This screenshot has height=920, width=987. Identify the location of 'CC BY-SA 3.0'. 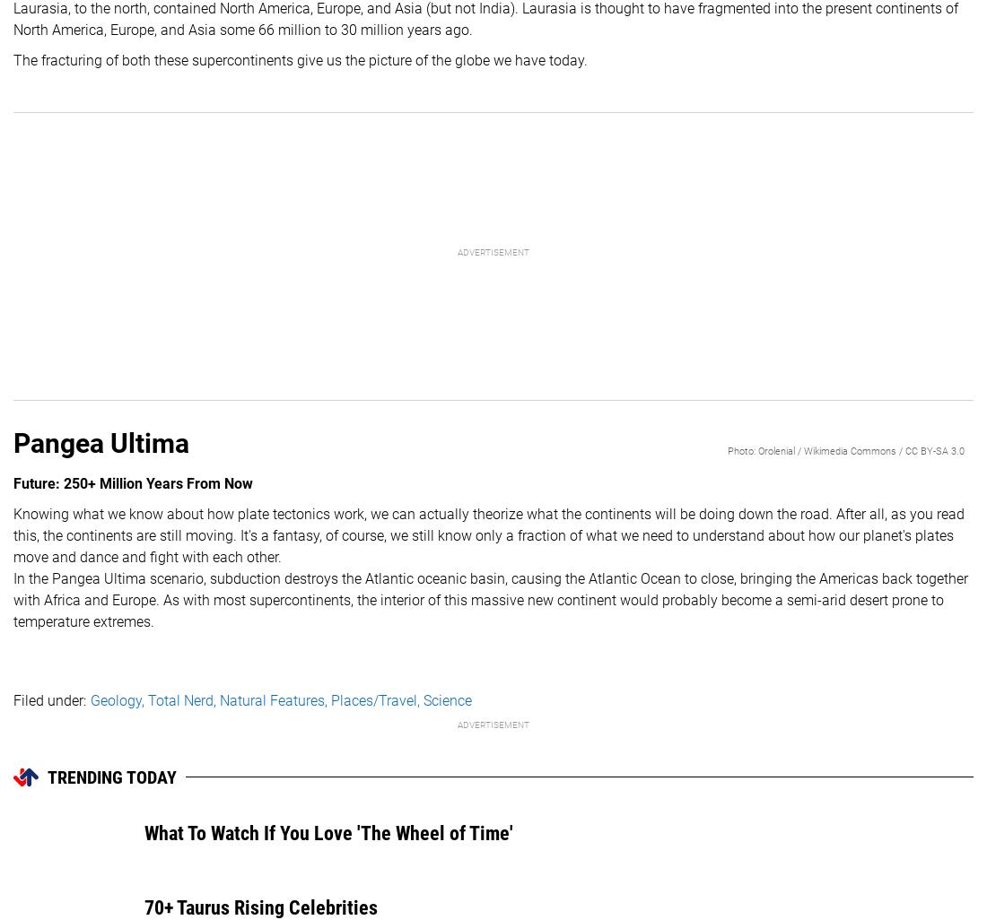
(935, 449).